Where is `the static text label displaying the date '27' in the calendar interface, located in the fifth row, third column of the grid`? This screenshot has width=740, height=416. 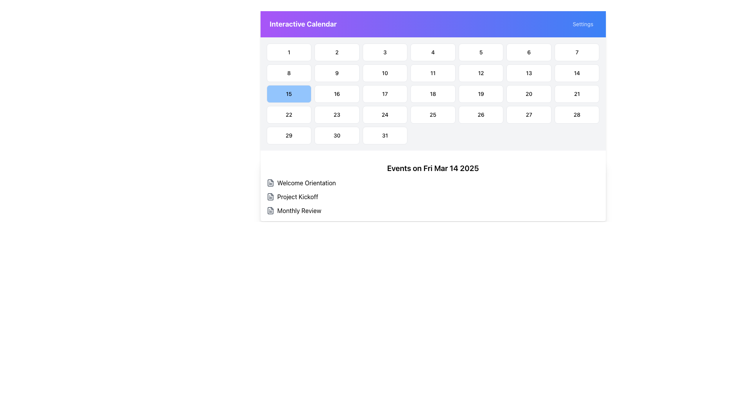
the static text label displaying the date '27' in the calendar interface, located in the fifth row, third column of the grid is located at coordinates (528, 114).